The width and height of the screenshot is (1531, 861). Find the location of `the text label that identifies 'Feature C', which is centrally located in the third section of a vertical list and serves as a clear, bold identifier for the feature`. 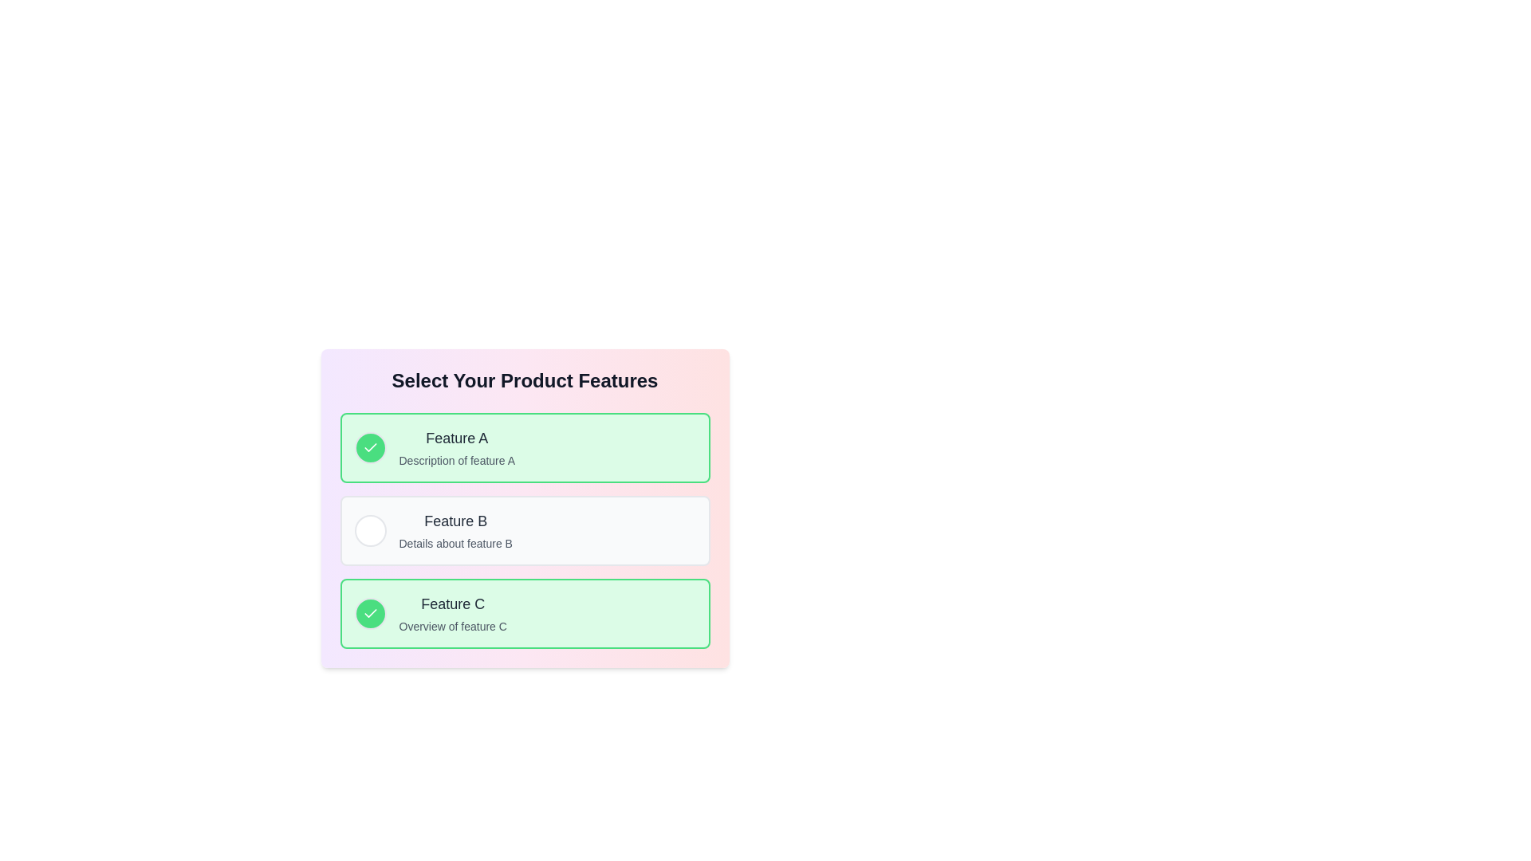

the text label that identifies 'Feature C', which is centrally located in the third section of a vertical list and serves as a clear, bold identifier for the feature is located at coordinates (452, 604).